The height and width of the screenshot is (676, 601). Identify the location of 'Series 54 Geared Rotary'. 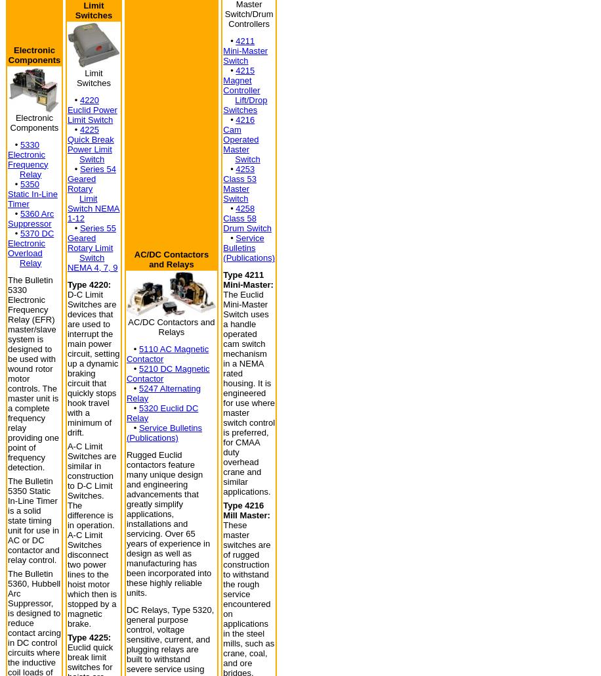
(91, 178).